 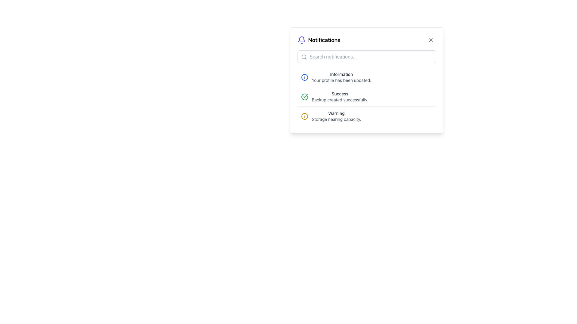 What do you see at coordinates (366, 77) in the screenshot?
I see `the Notification message that displays the title 'Information' and the text 'Your profile has been updated.'` at bounding box center [366, 77].